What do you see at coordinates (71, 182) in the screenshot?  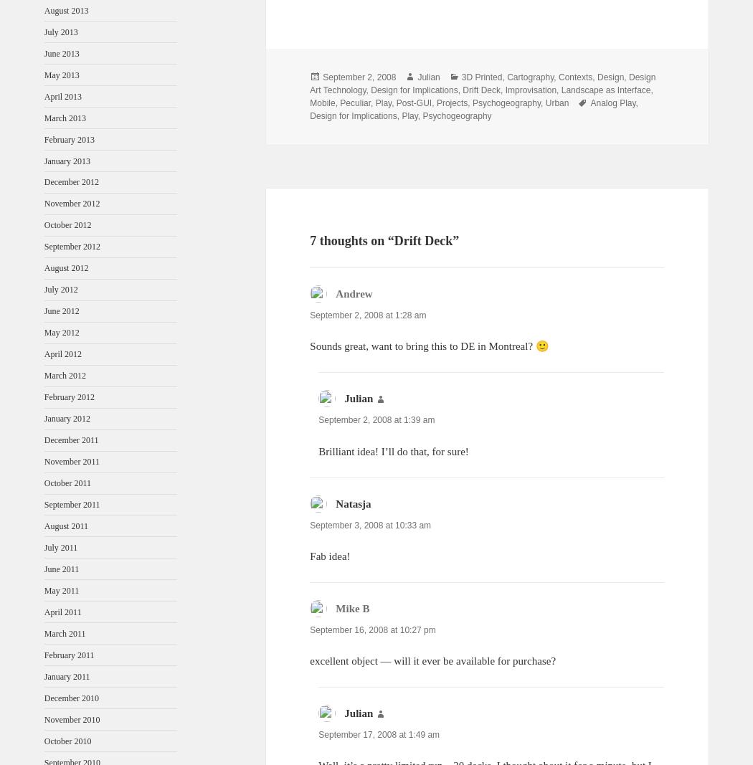 I see `'December 2012'` at bounding box center [71, 182].